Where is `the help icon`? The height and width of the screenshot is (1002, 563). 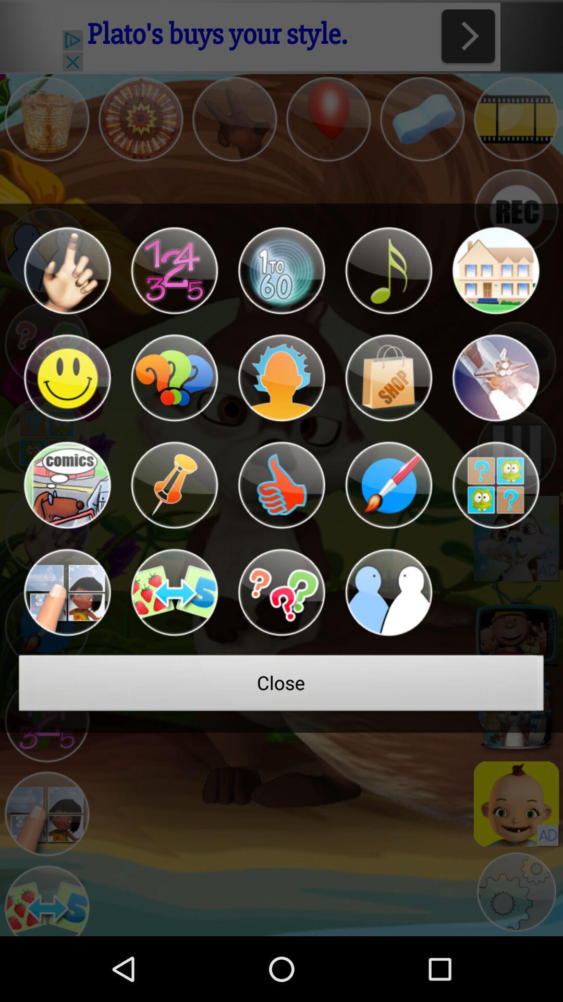 the help icon is located at coordinates (281, 634).